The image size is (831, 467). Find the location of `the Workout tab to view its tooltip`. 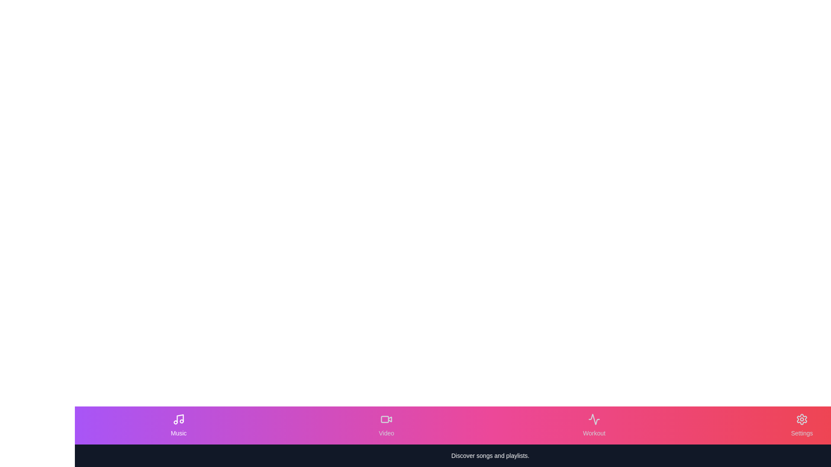

the Workout tab to view its tooltip is located at coordinates (593, 425).